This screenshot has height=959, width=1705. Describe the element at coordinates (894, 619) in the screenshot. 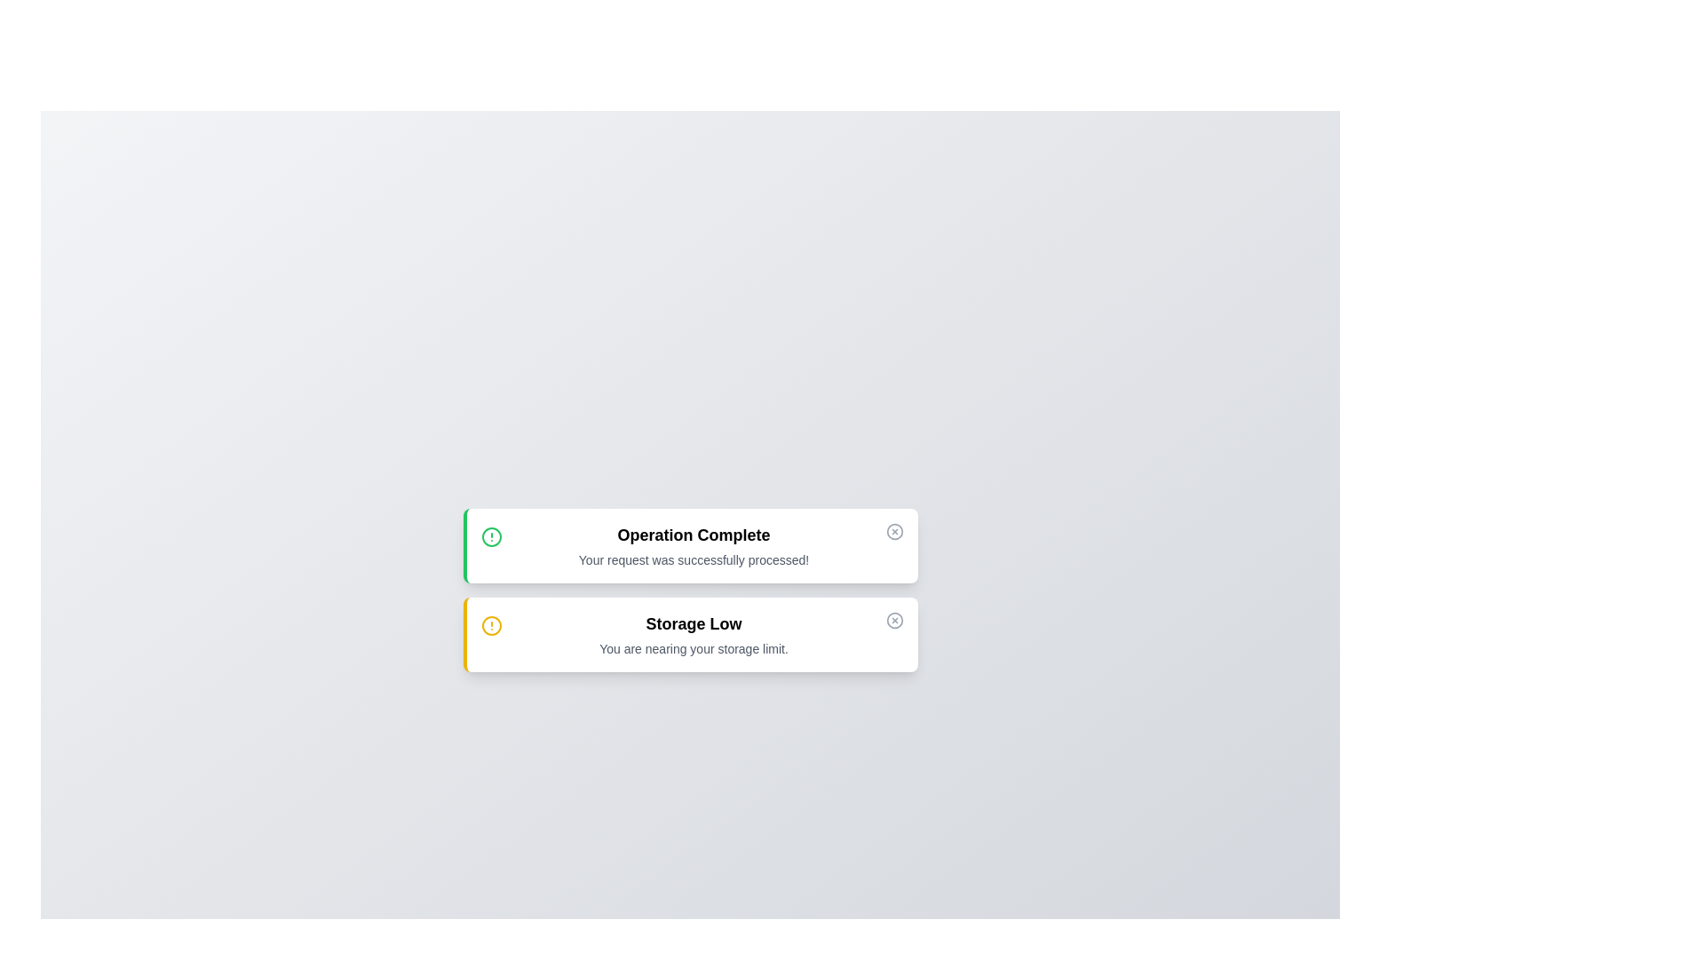

I see `close button for the alert titled 'Storage Low'` at that location.